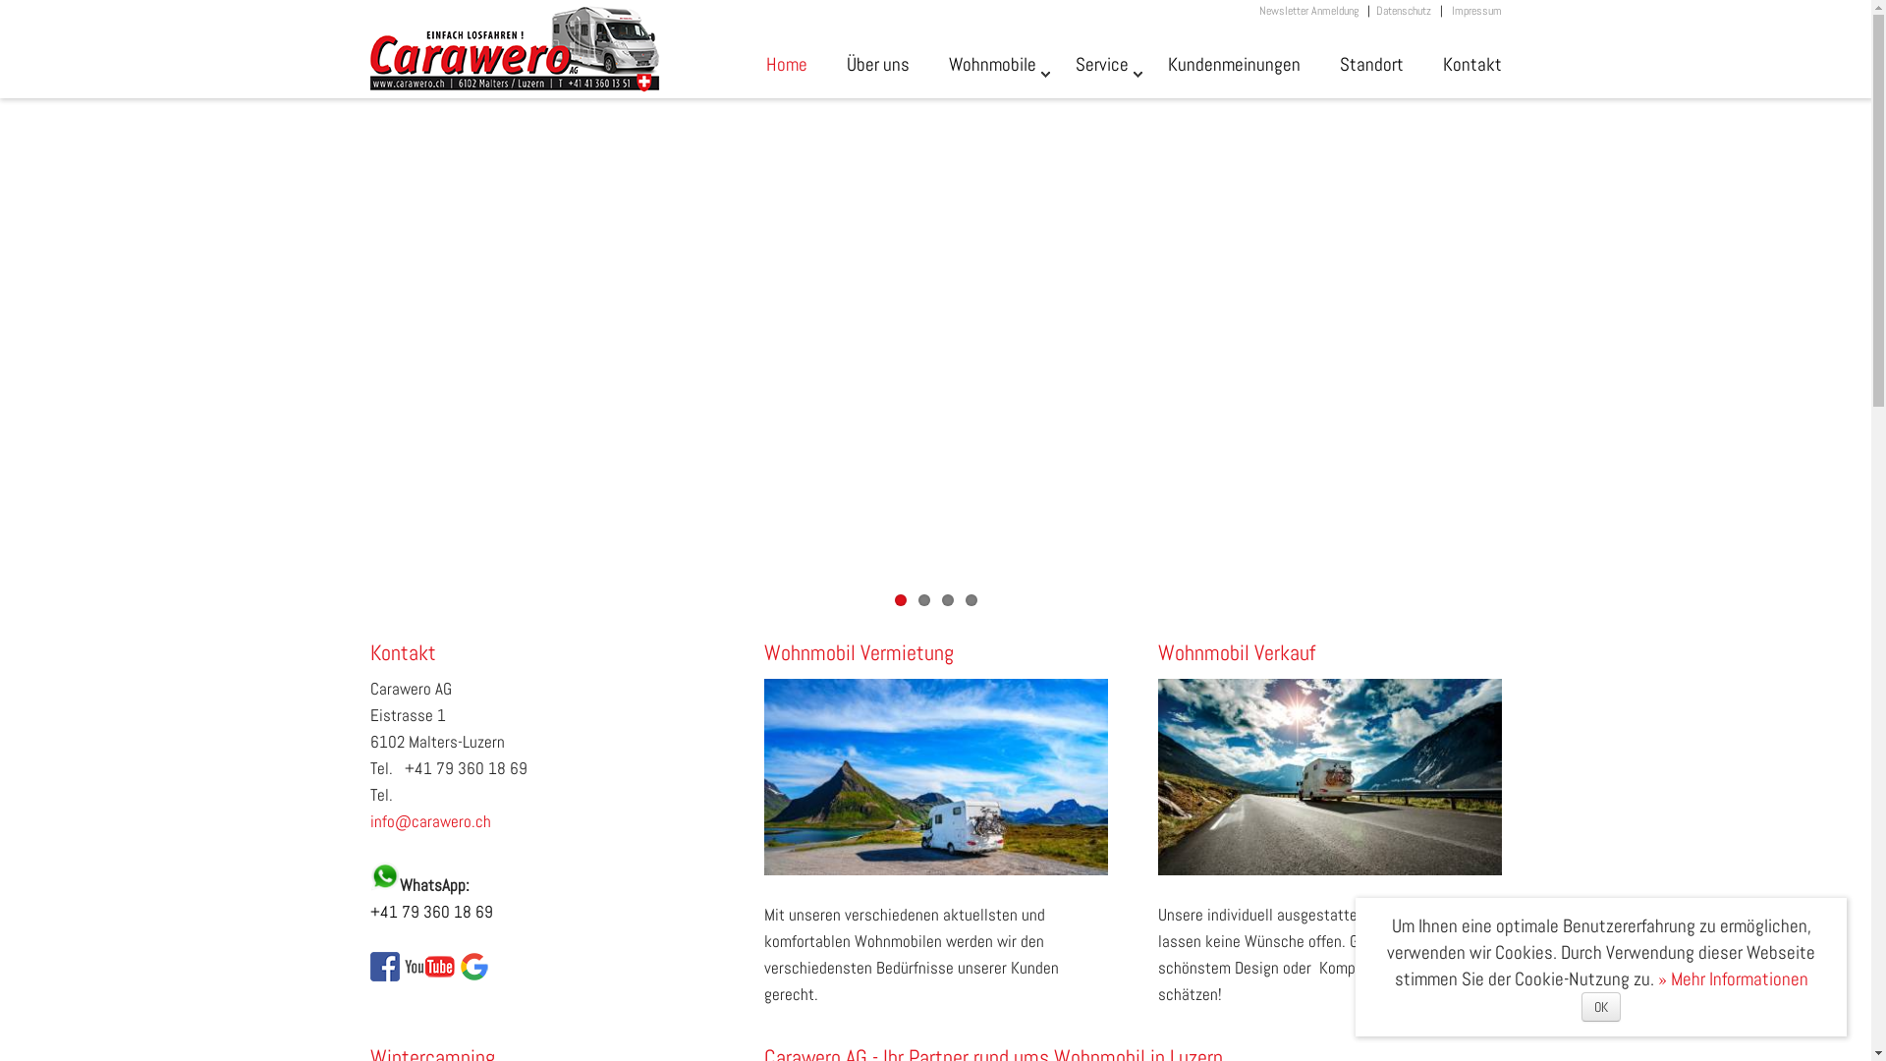 The width and height of the screenshot is (1886, 1061). What do you see at coordinates (1401, 11) in the screenshot?
I see `'Datenschutz'` at bounding box center [1401, 11].